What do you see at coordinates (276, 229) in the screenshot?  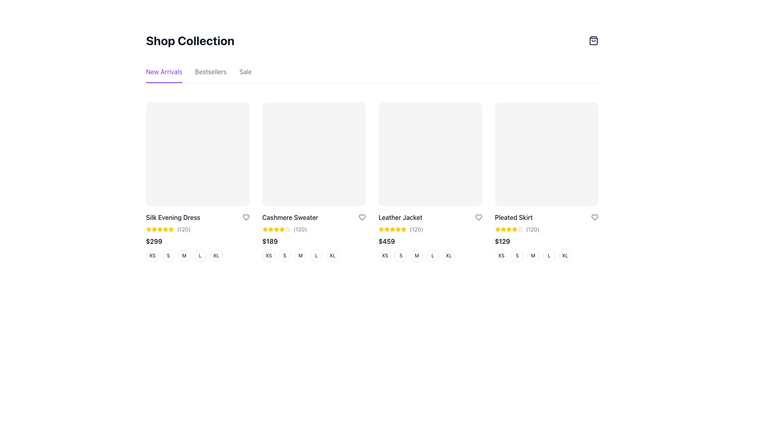 I see `the fourth star in the rating component under the product title 'Cashmere Sweater', which is highlighted in yellow and distinct from the gray fifth star` at bounding box center [276, 229].